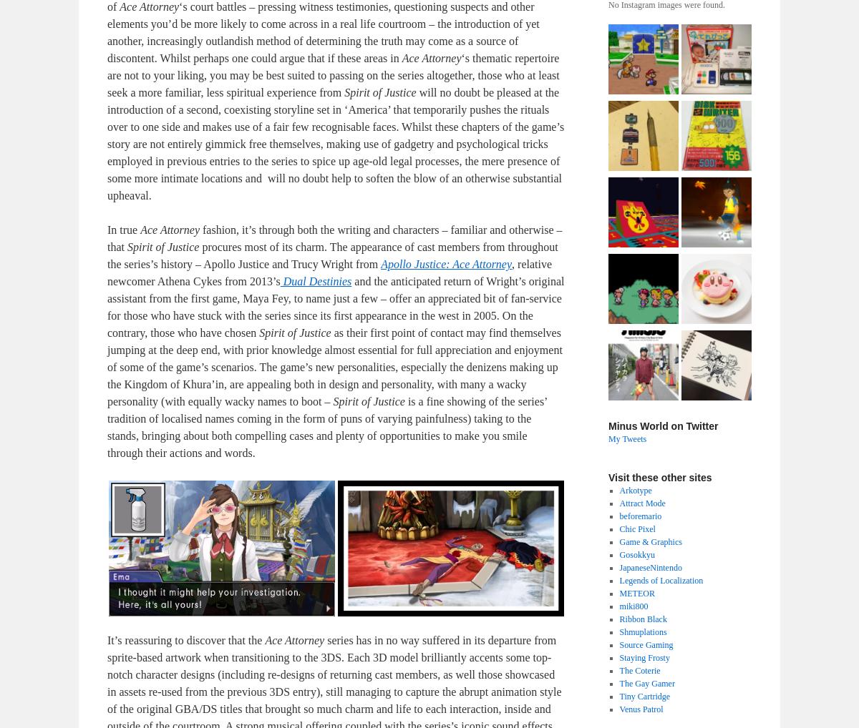 This screenshot has width=859, height=728. I want to click on 'beforemario', so click(639, 515).